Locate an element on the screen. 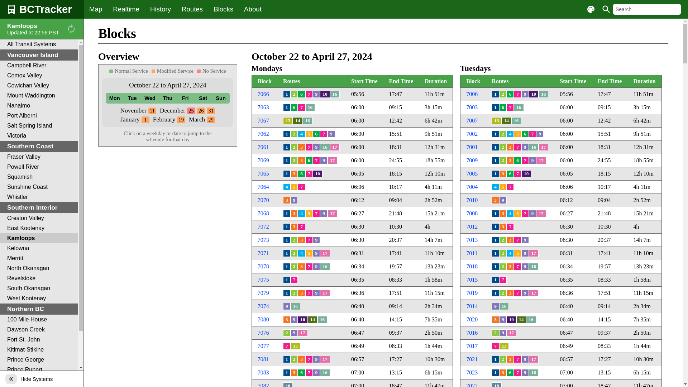 The width and height of the screenshot is (688, 387). '16' is located at coordinates (534, 372).